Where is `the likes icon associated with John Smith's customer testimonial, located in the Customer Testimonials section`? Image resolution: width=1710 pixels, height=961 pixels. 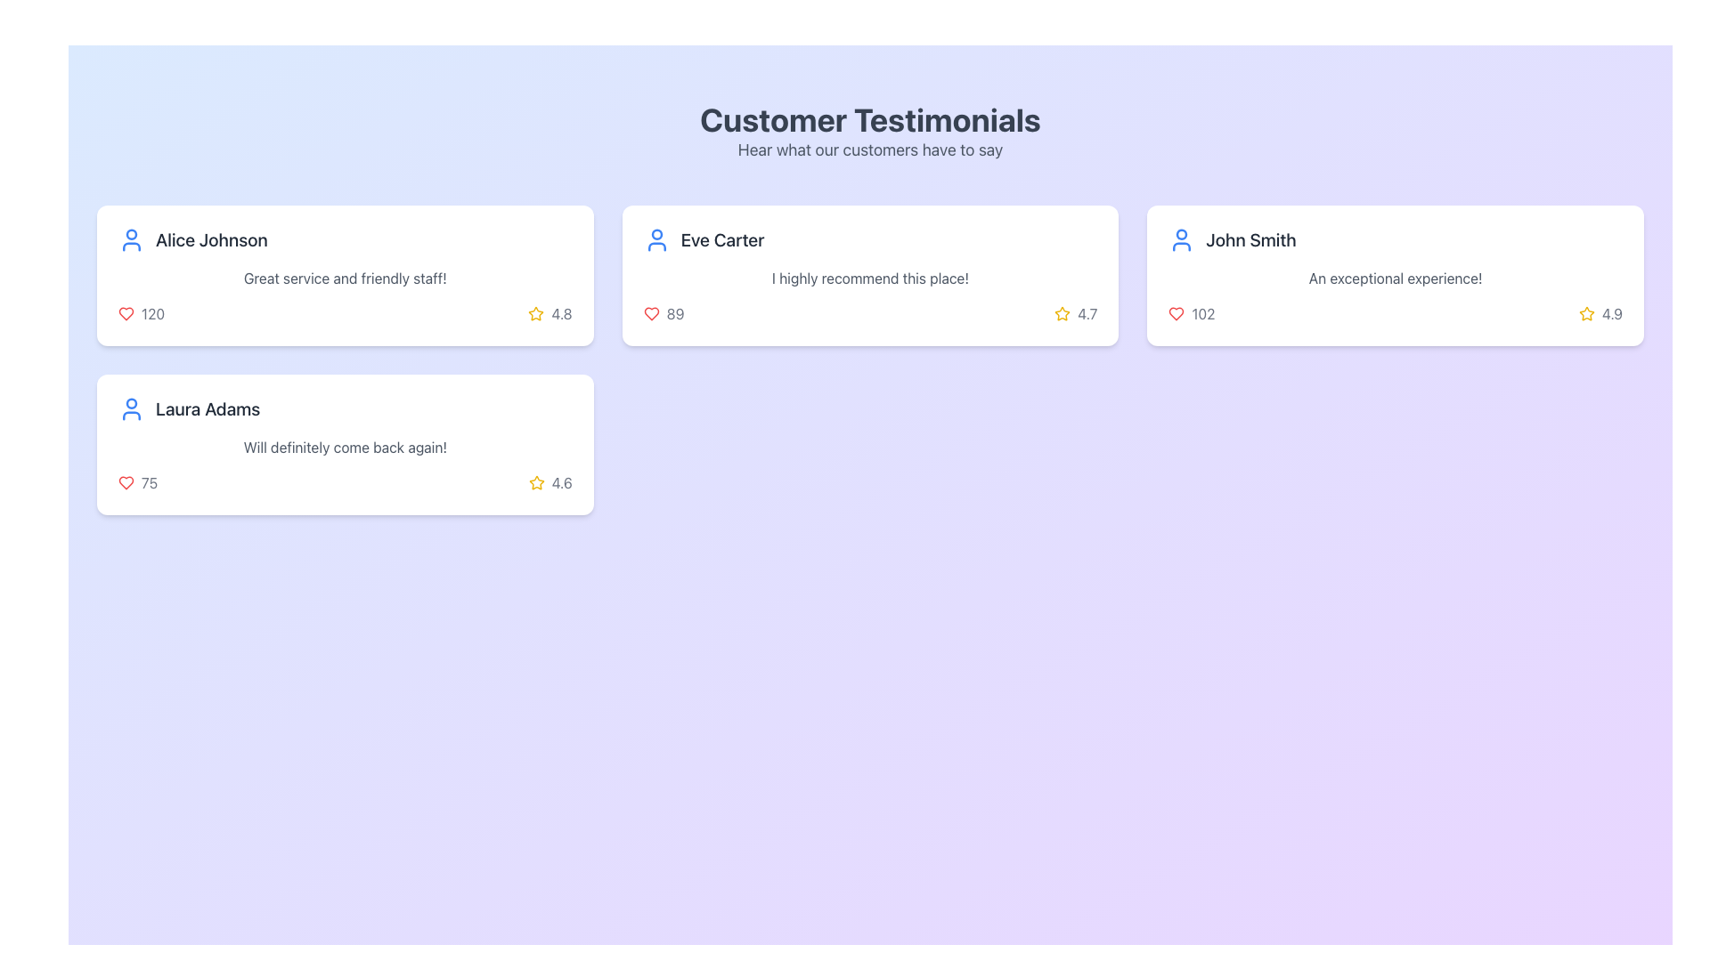
the likes icon associated with John Smith's customer testimonial, located in the Customer Testimonials section is located at coordinates (1192, 313).